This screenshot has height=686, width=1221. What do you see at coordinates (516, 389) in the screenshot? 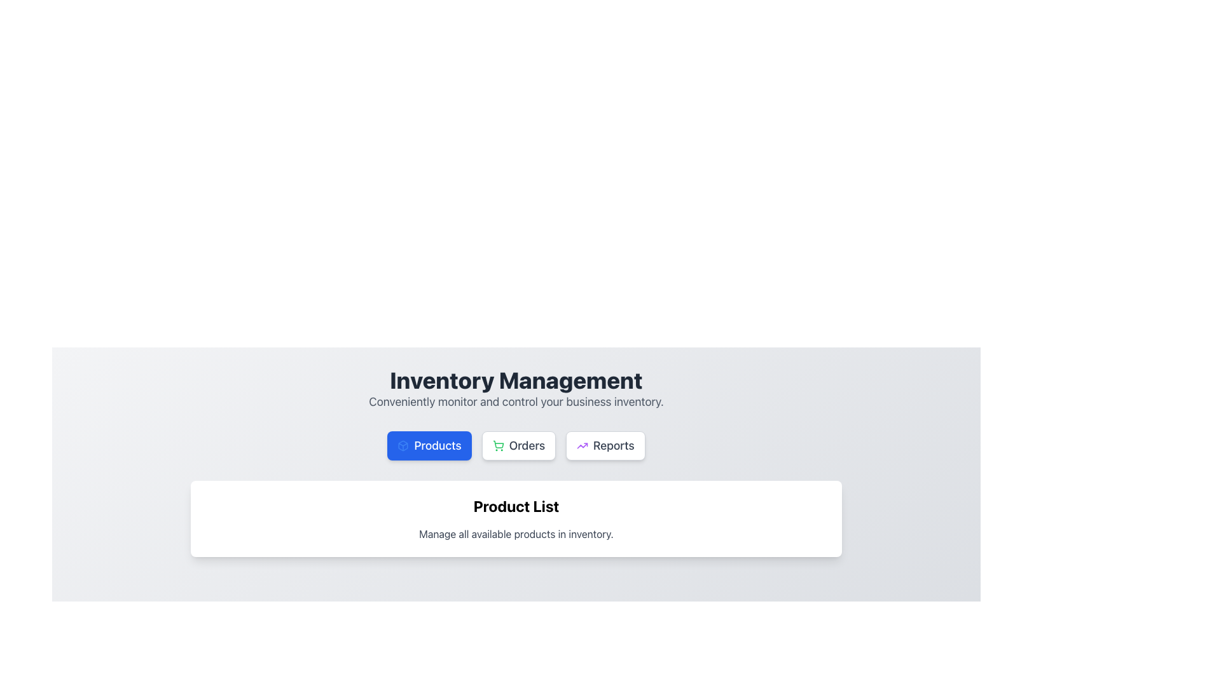
I see `the Text Block that provides a heading and description for the inventory management section, located near the top of the section above the buttons labeled 'Products,' 'Orders,' and 'Reports.'` at bounding box center [516, 389].